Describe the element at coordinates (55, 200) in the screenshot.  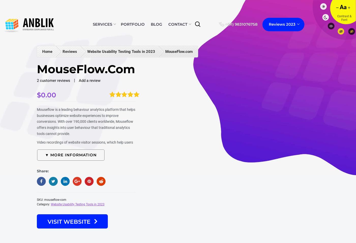
I see `'mouseflow-com'` at that location.